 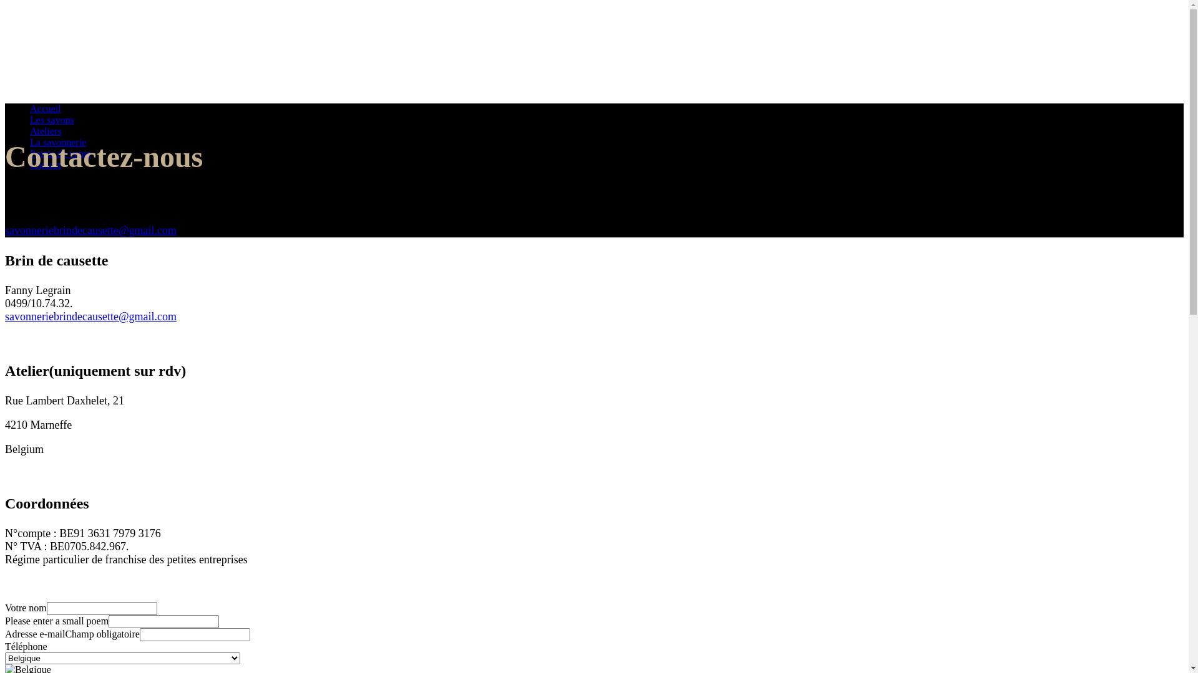 What do you see at coordinates (90, 316) in the screenshot?
I see `'savonneriebrindecausette@gmail.com'` at bounding box center [90, 316].